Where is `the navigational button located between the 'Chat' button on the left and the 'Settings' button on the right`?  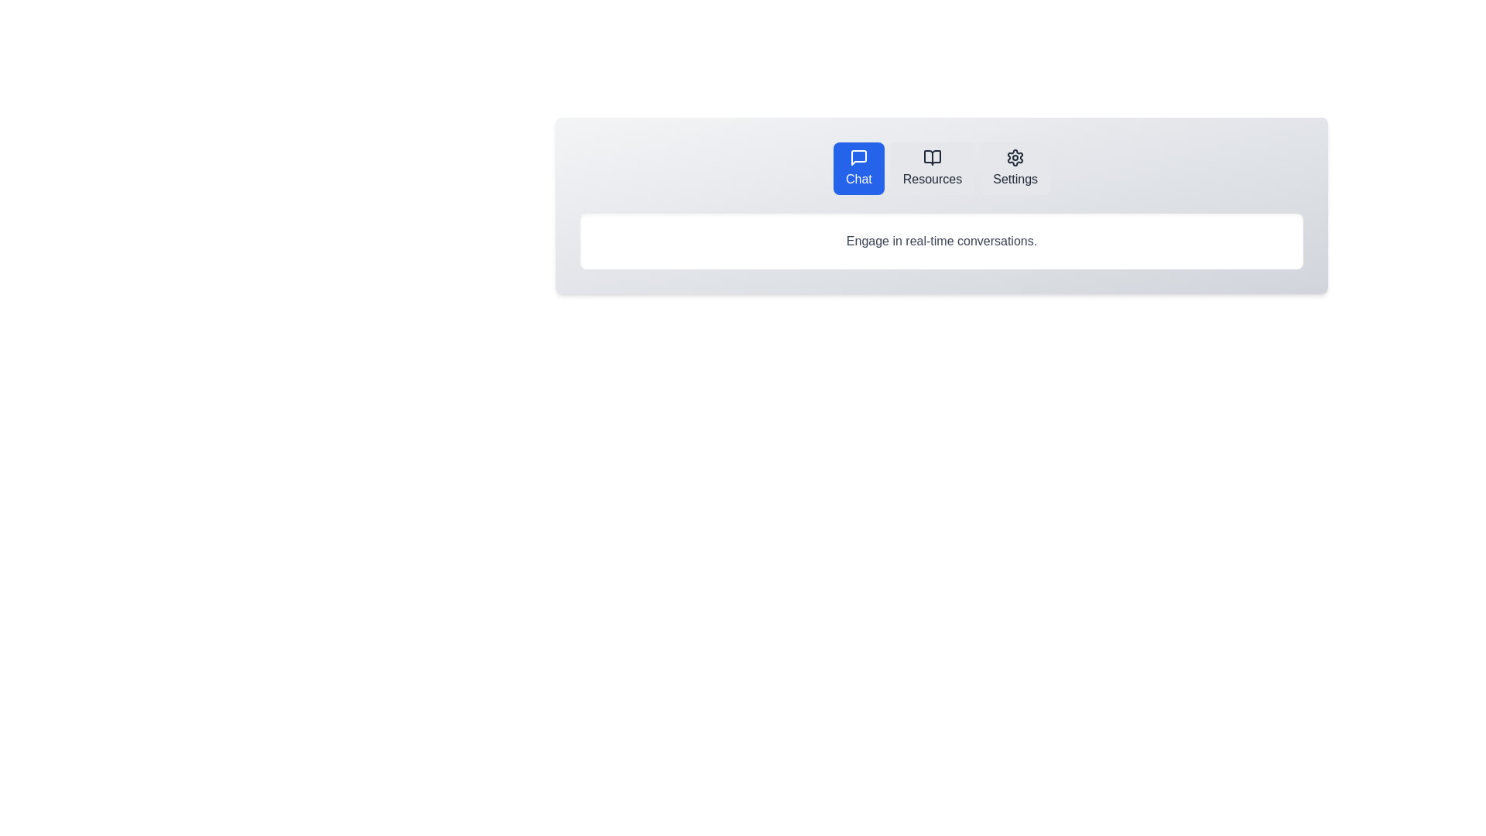 the navigational button located between the 'Chat' button on the left and the 'Settings' button on the right is located at coordinates (931, 169).